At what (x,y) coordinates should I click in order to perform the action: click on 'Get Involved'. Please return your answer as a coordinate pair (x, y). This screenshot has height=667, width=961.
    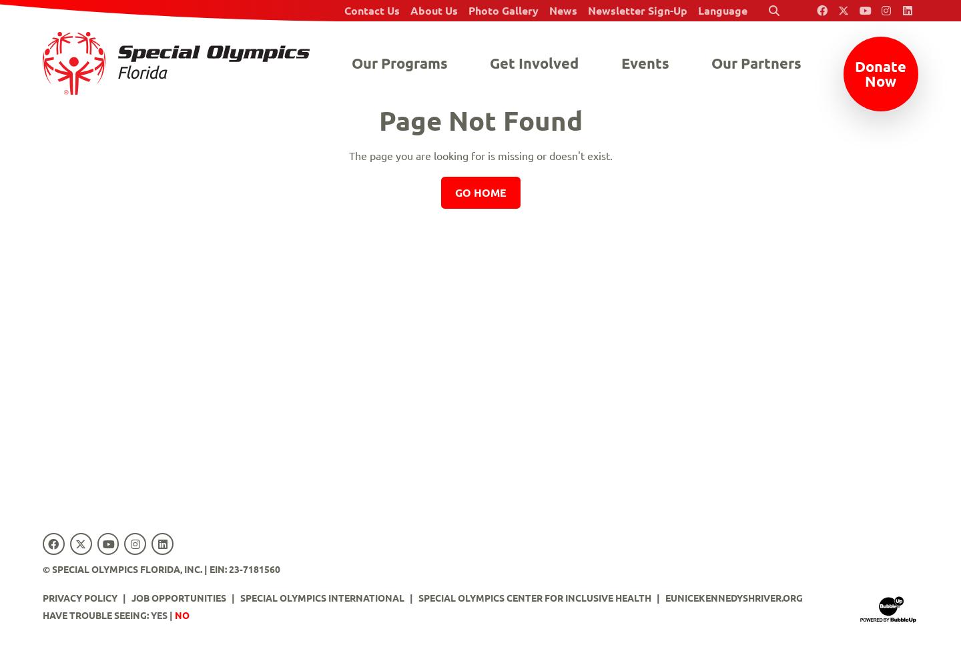
    Looking at the image, I should click on (534, 62).